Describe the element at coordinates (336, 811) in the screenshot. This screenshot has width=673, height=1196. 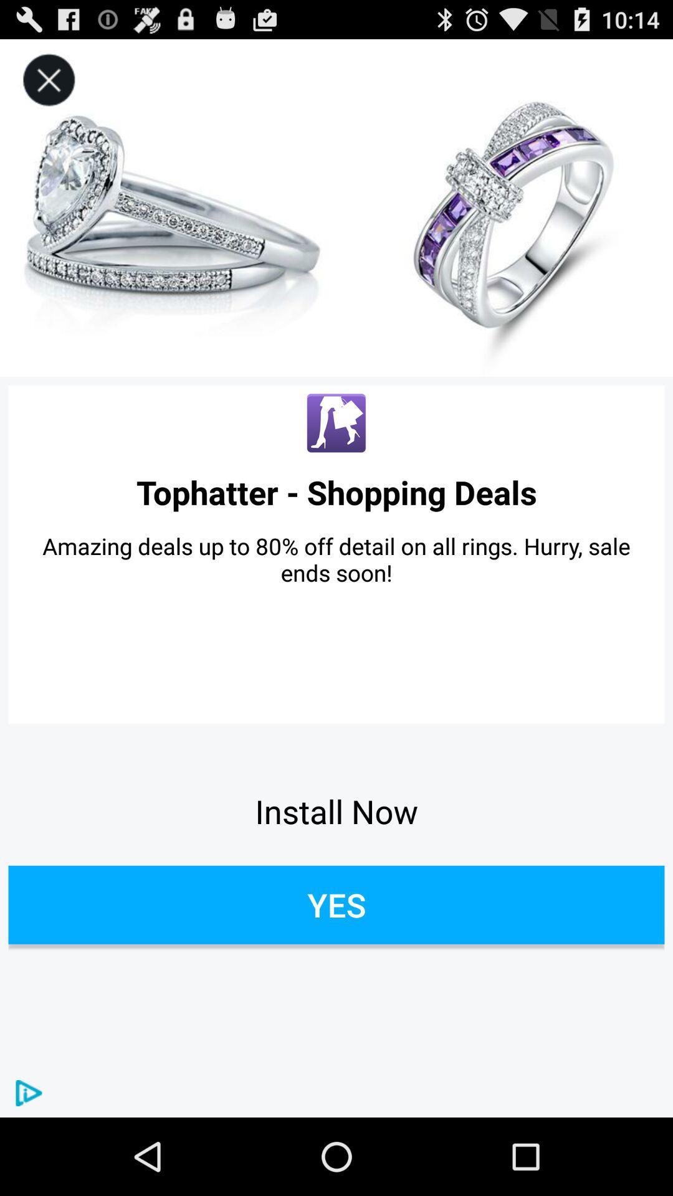
I see `item above yes icon` at that location.